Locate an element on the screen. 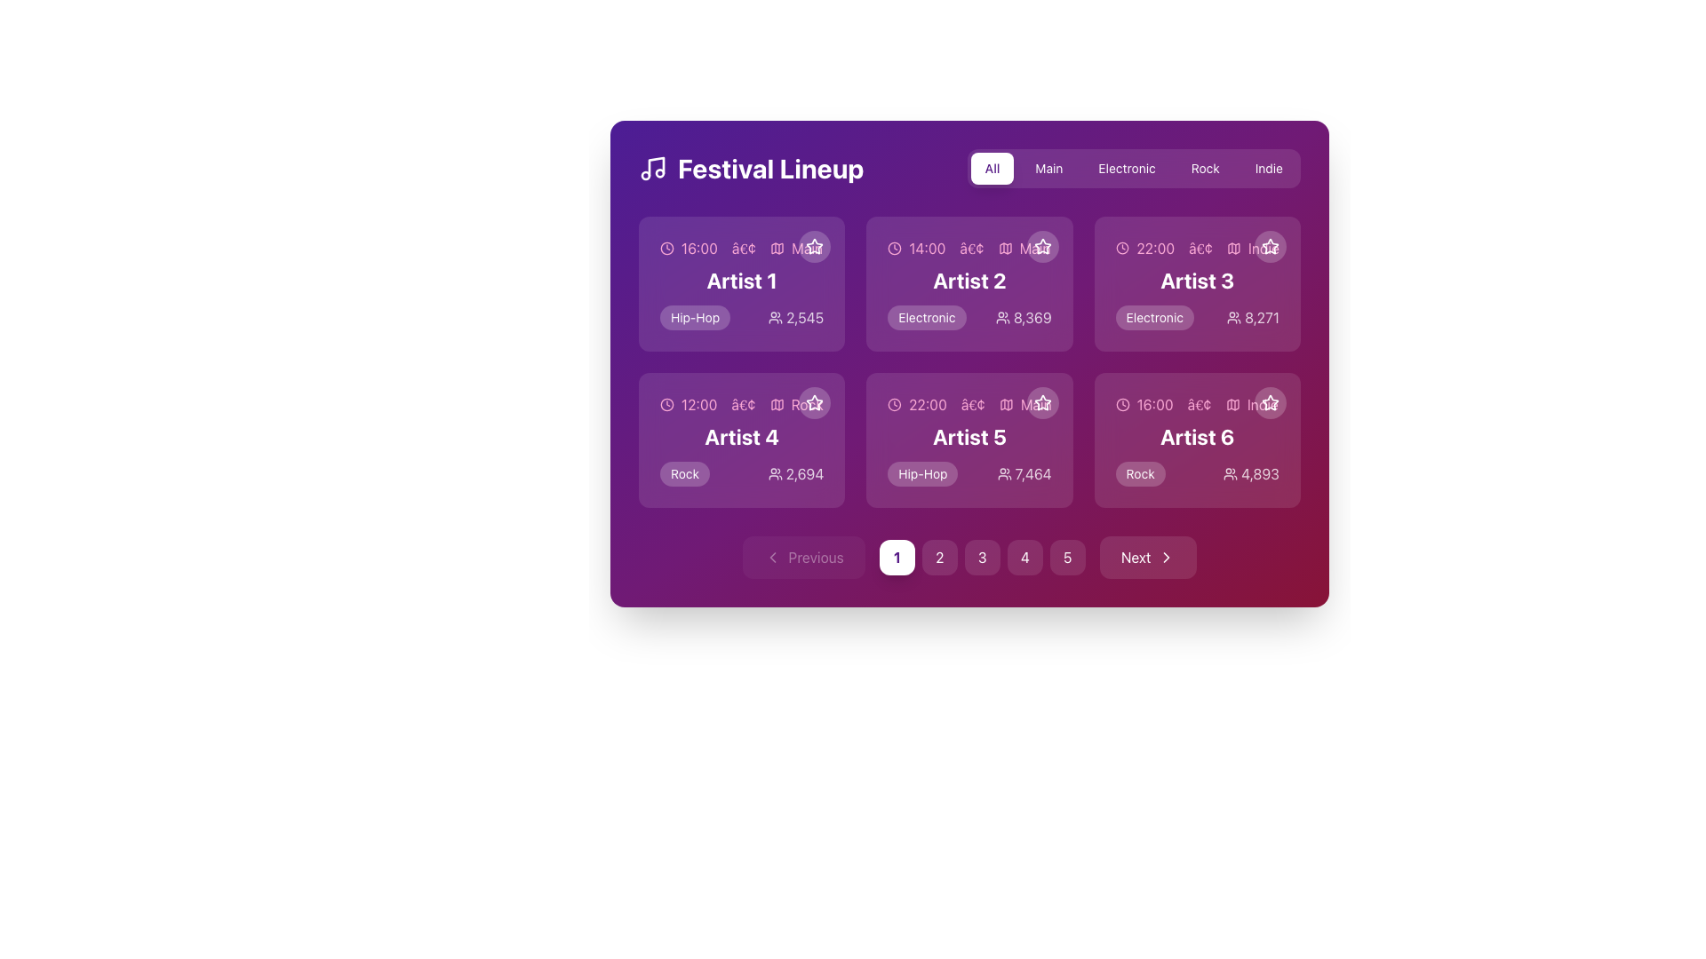  the minimalist clock icon located within the 'Artist 5' card, positioned to the left of the text '22:00' is located at coordinates (895, 404).